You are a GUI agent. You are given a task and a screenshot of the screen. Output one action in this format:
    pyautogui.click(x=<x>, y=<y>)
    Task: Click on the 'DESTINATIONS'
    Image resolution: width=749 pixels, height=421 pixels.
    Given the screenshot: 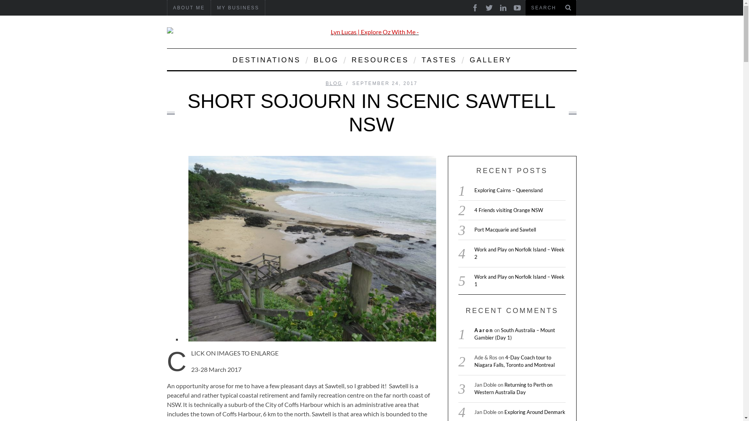 What is the action you would take?
    pyautogui.click(x=266, y=59)
    